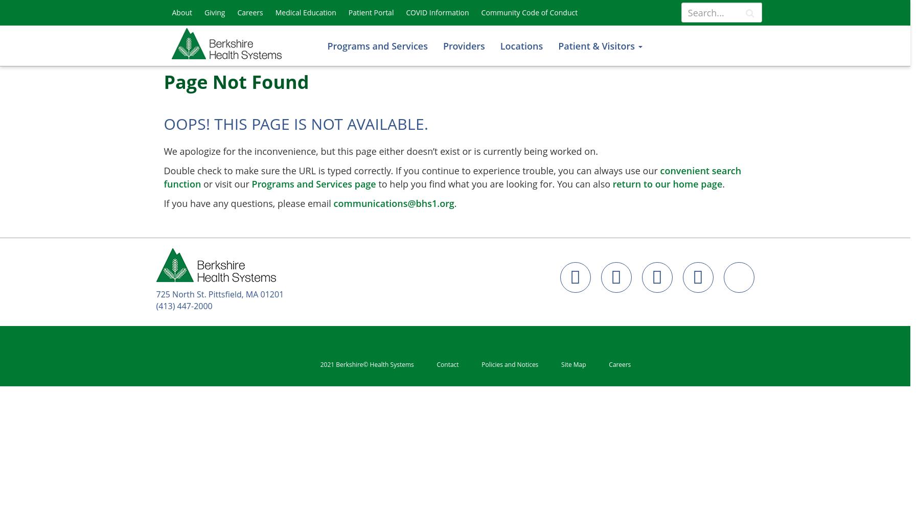 This screenshot has height=511, width=918. Describe the element at coordinates (377, 45) in the screenshot. I see `'Programs and Services'` at that location.